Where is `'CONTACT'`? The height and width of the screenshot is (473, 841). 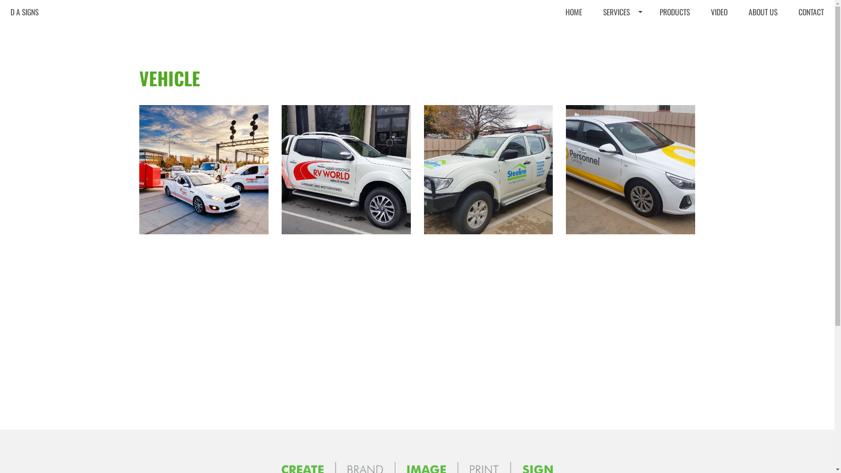
'CONTACT' is located at coordinates (811, 12).